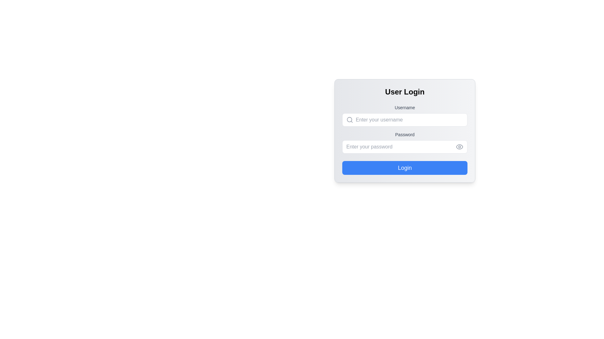  What do you see at coordinates (459, 147) in the screenshot?
I see `the password visibility toggle button located at the right end of the password input field in the login form` at bounding box center [459, 147].